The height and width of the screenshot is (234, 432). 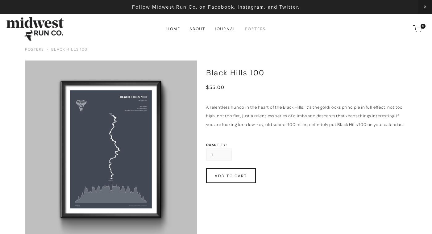 I want to click on 'A relentless hundo in the heart of the Black Hills. It’s the goldilocks principle in full effect: not too high, not too flat, just a relentless series of climbs and descents that keeps things interesting. If you are looking for a low-key, old school 100 miler, definitely put Black Hills 100 on your calendar.', so click(x=305, y=115).